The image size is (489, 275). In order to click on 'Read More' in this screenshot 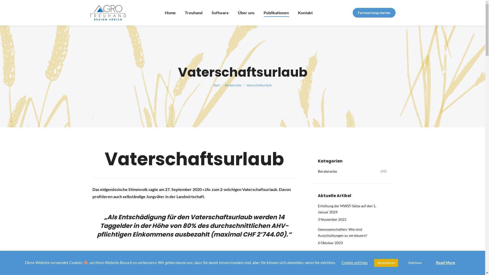, I will do `click(445, 262)`.